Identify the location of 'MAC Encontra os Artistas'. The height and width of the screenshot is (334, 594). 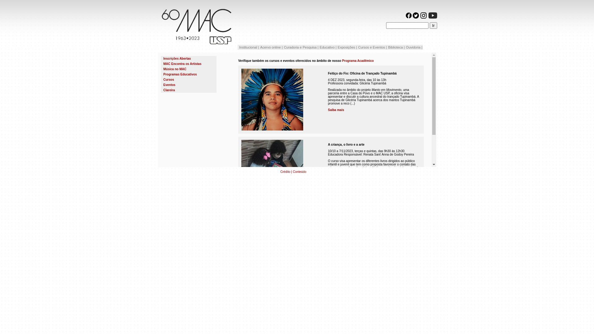
(163, 64).